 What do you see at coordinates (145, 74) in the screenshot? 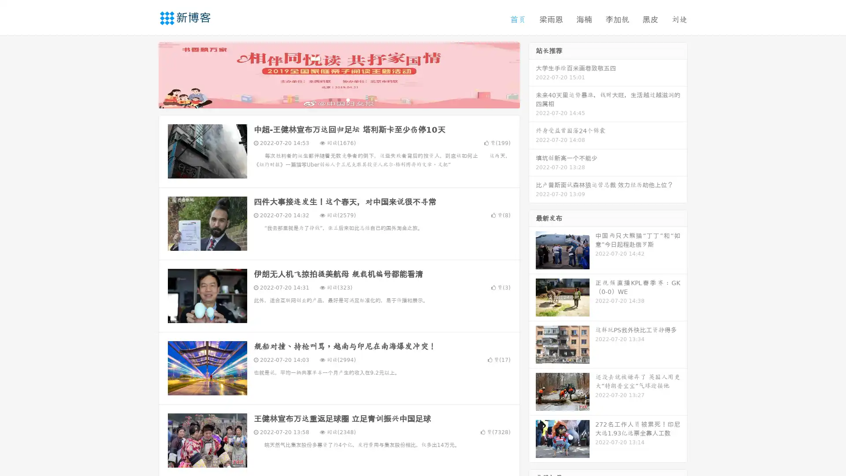
I see `Previous slide` at bounding box center [145, 74].